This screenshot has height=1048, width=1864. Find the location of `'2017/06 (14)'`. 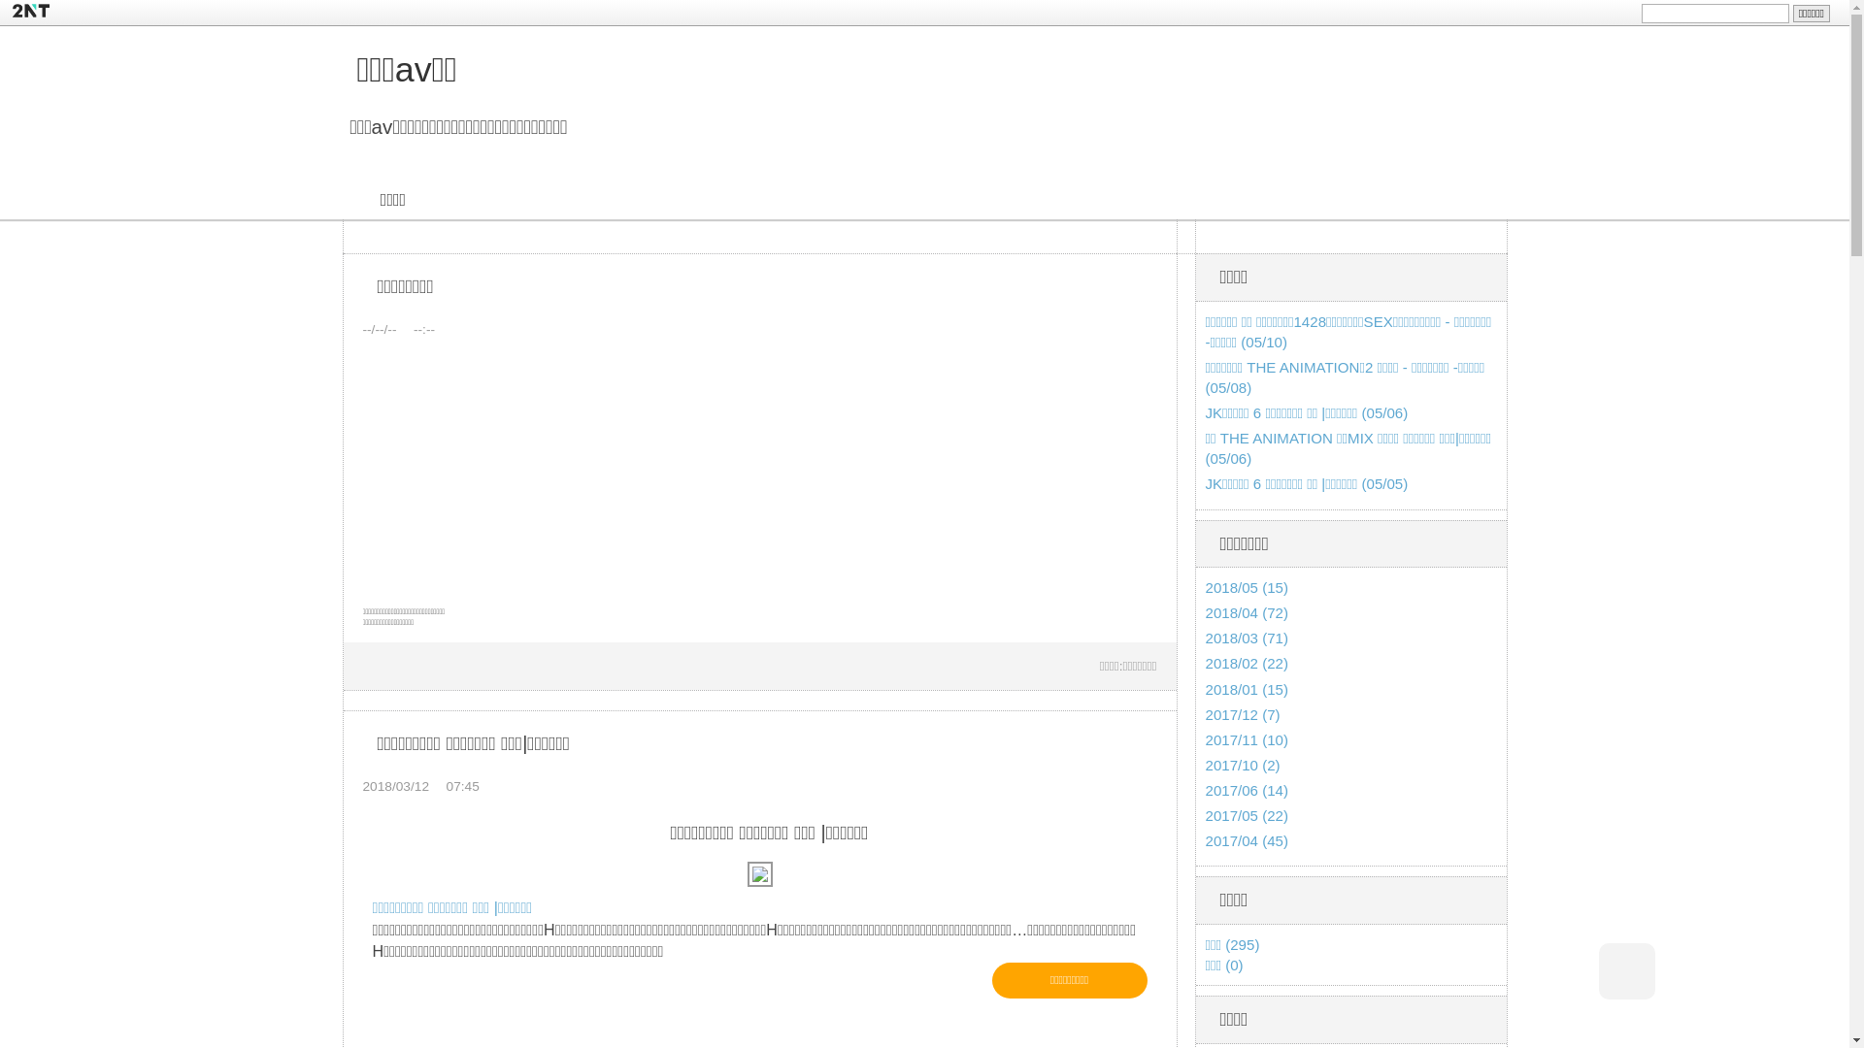

'2017/06 (14)' is located at coordinates (1248, 790).